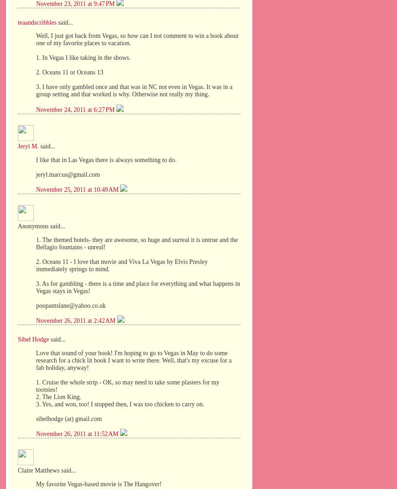 The width and height of the screenshot is (397, 489). What do you see at coordinates (127, 385) in the screenshot?
I see `'1. Cruise the whole strip - OK, so may need to take some plasters for my tootsies!'` at bounding box center [127, 385].